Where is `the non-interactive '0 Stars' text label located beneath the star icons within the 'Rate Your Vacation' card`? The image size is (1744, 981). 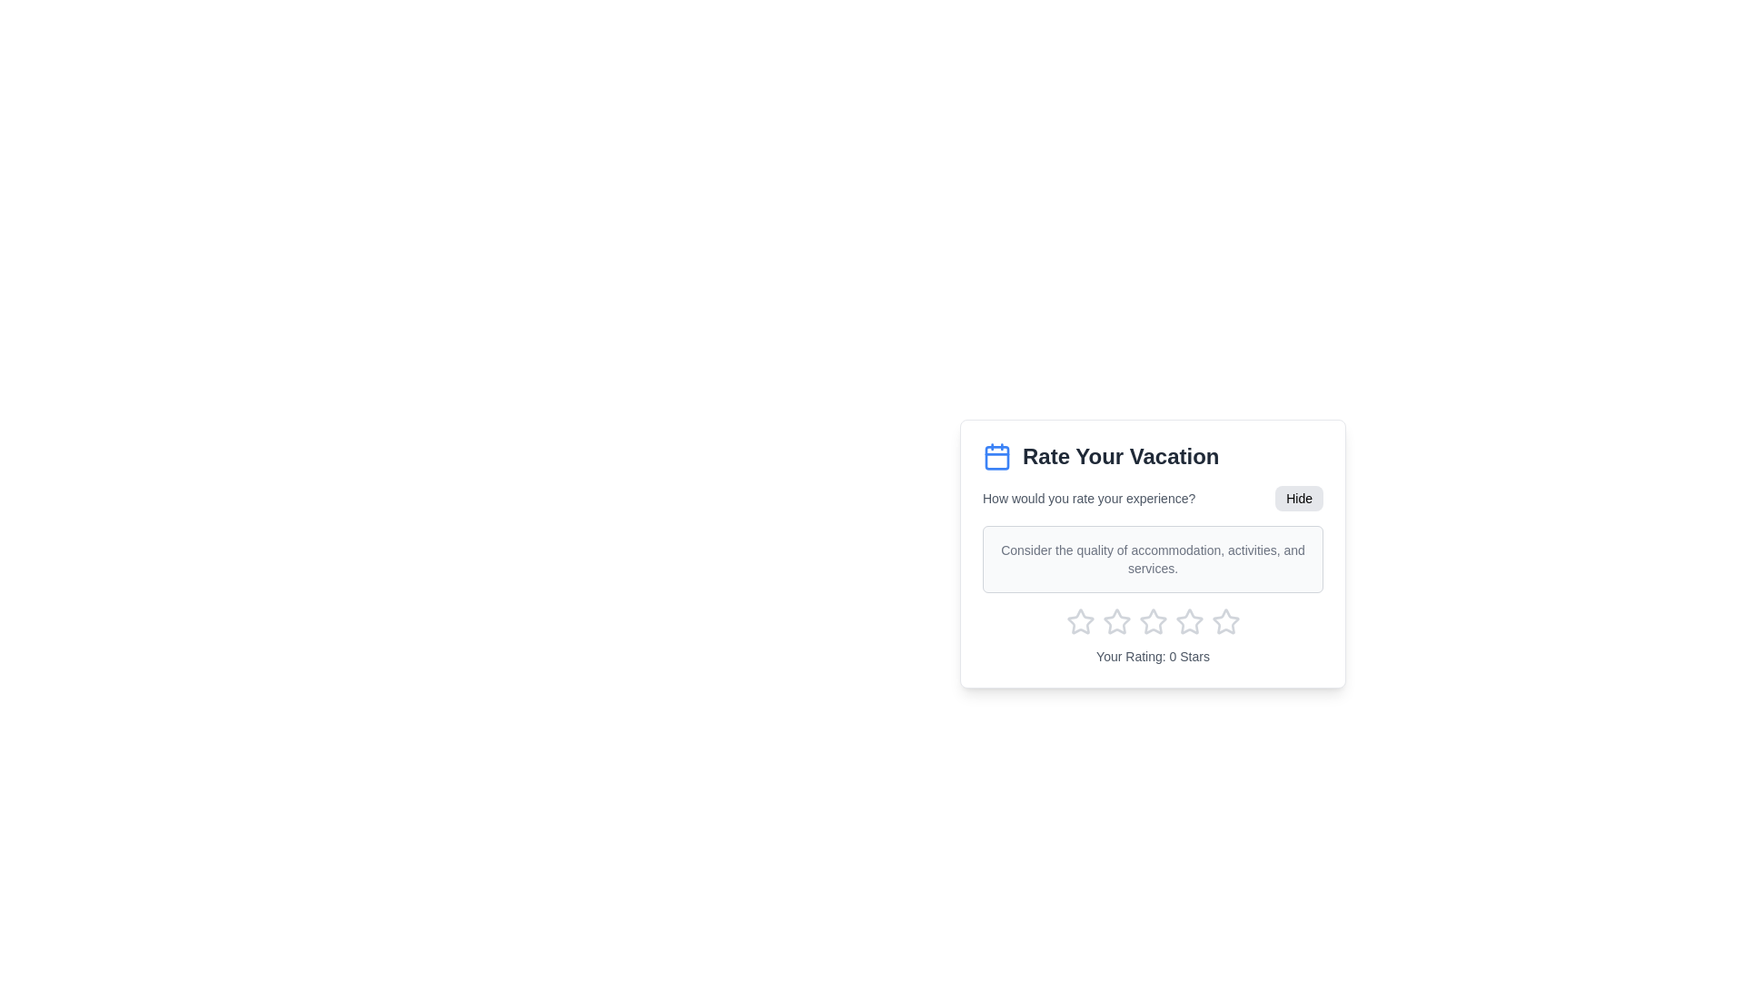 the non-interactive '0 Stars' text label located beneath the star icons within the 'Rate Your Vacation' card is located at coordinates (1152, 656).